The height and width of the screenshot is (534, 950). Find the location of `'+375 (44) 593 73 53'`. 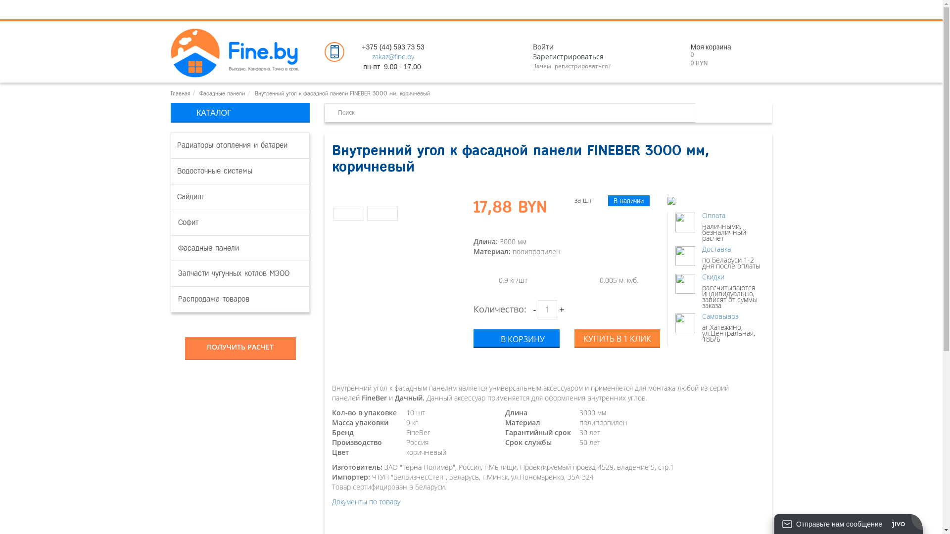

'+375 (44) 593 73 53' is located at coordinates (392, 47).